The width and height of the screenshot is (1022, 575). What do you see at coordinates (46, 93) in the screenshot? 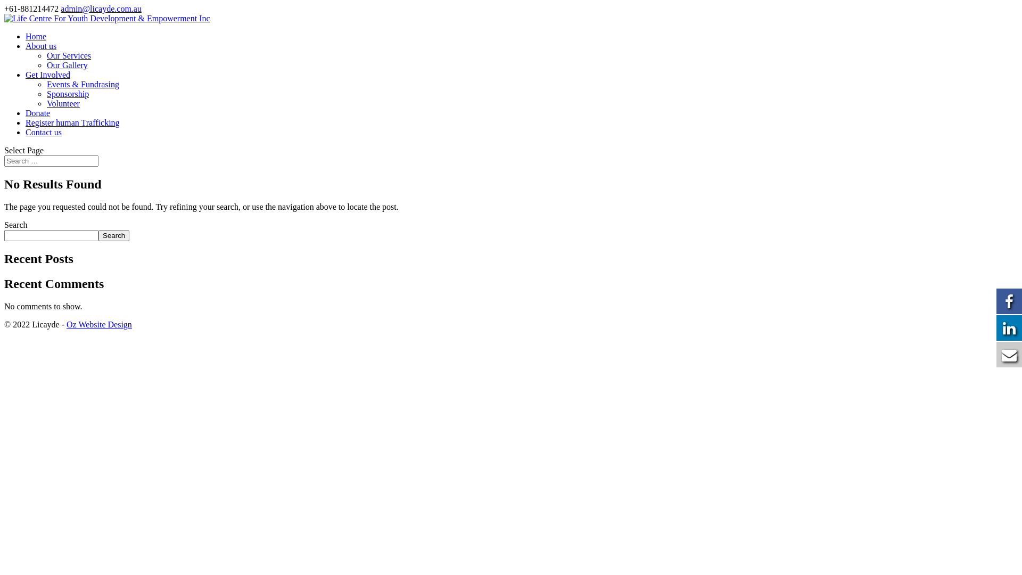
I see `'Sponsorship'` at bounding box center [46, 93].